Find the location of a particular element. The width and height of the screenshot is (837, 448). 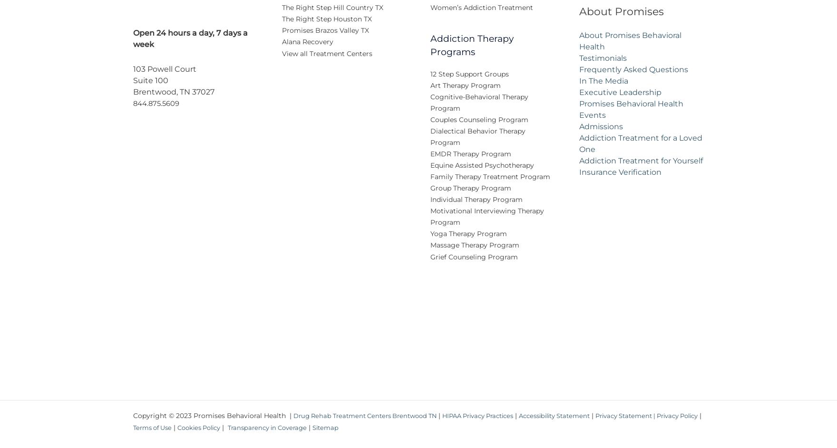

'Promises Behavioral Health Events' is located at coordinates (631, 116).